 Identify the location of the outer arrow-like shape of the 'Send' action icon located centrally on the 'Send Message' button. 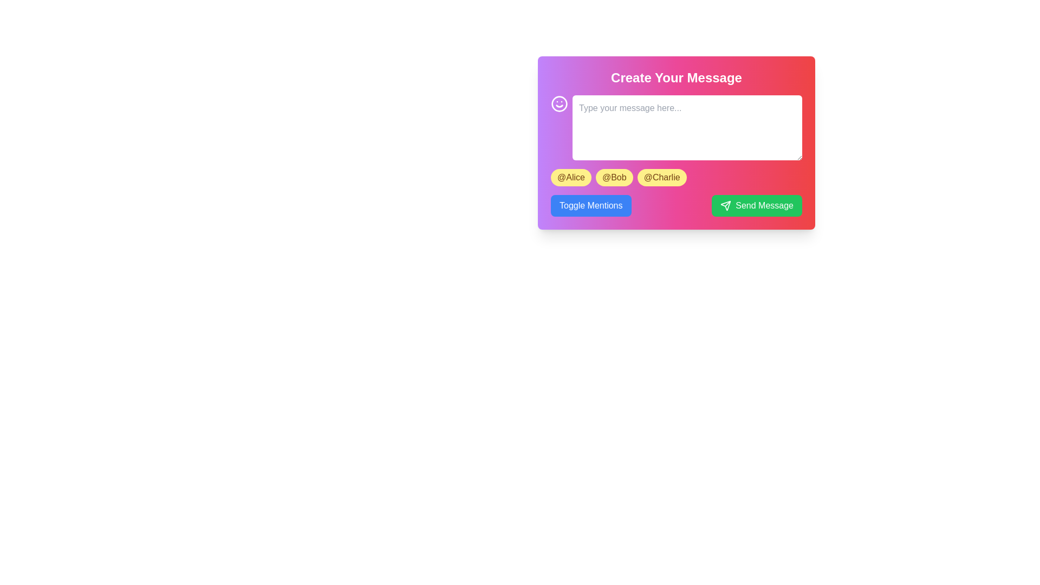
(726, 206).